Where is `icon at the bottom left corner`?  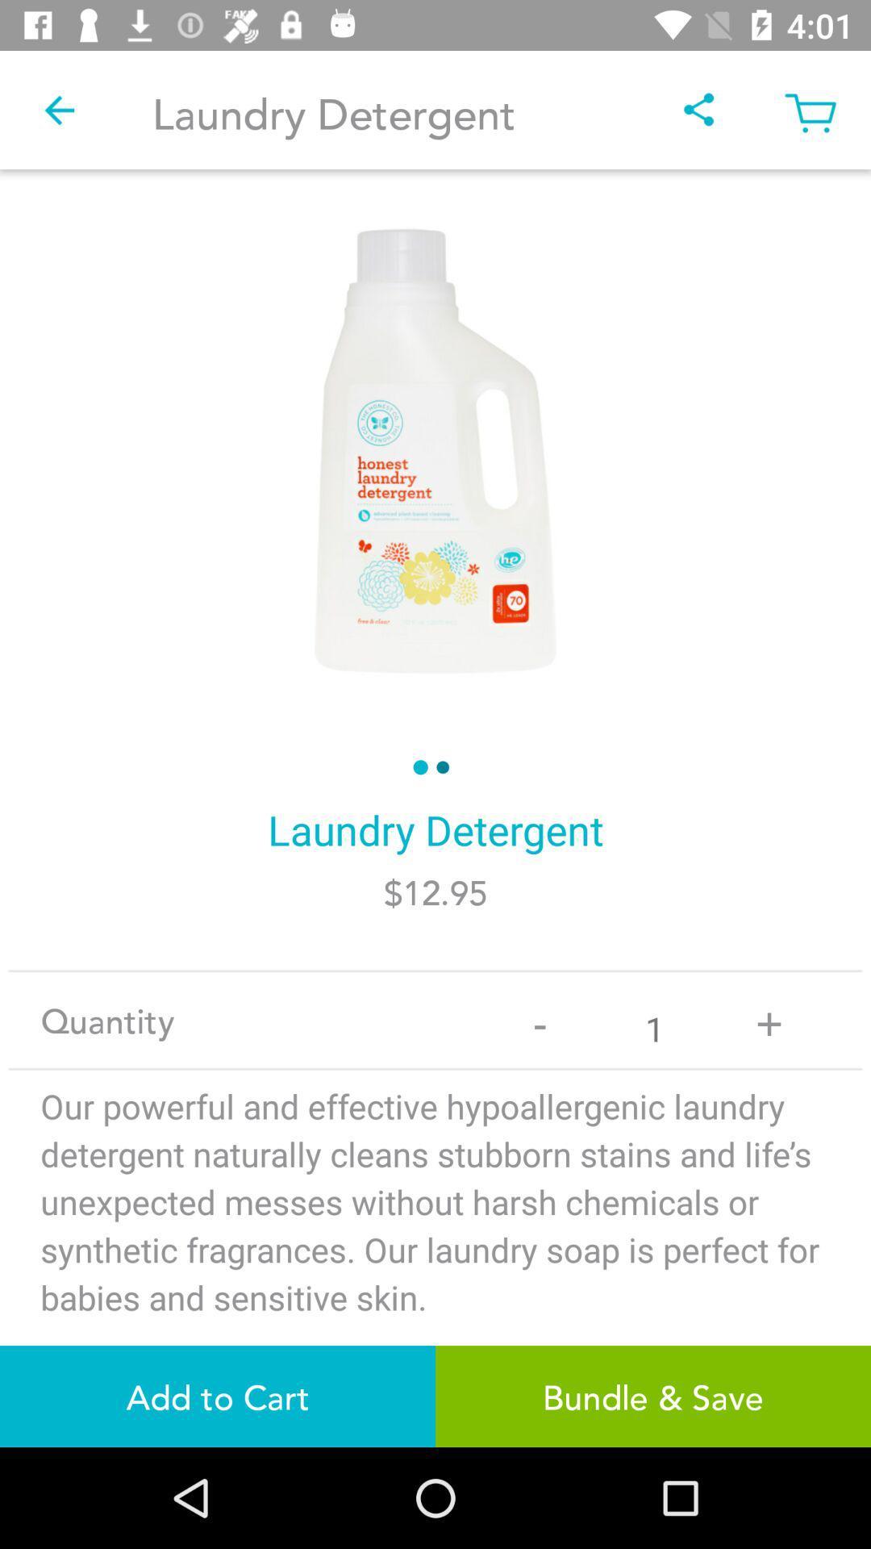 icon at the bottom left corner is located at coordinates (218, 1396).